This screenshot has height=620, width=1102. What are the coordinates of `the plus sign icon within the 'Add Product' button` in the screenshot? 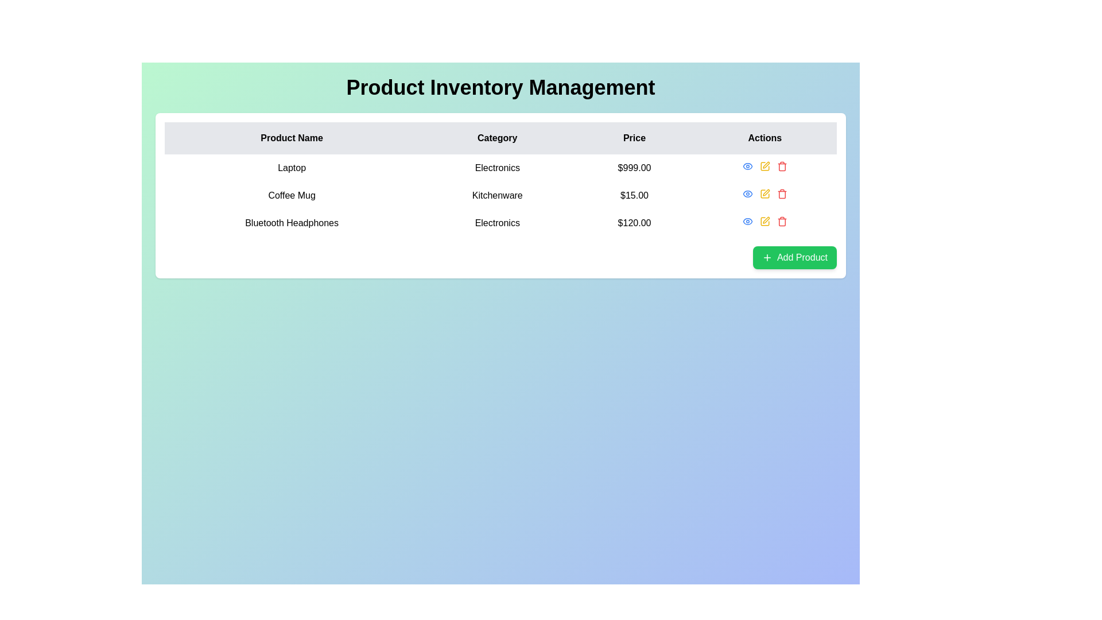 It's located at (767, 257).